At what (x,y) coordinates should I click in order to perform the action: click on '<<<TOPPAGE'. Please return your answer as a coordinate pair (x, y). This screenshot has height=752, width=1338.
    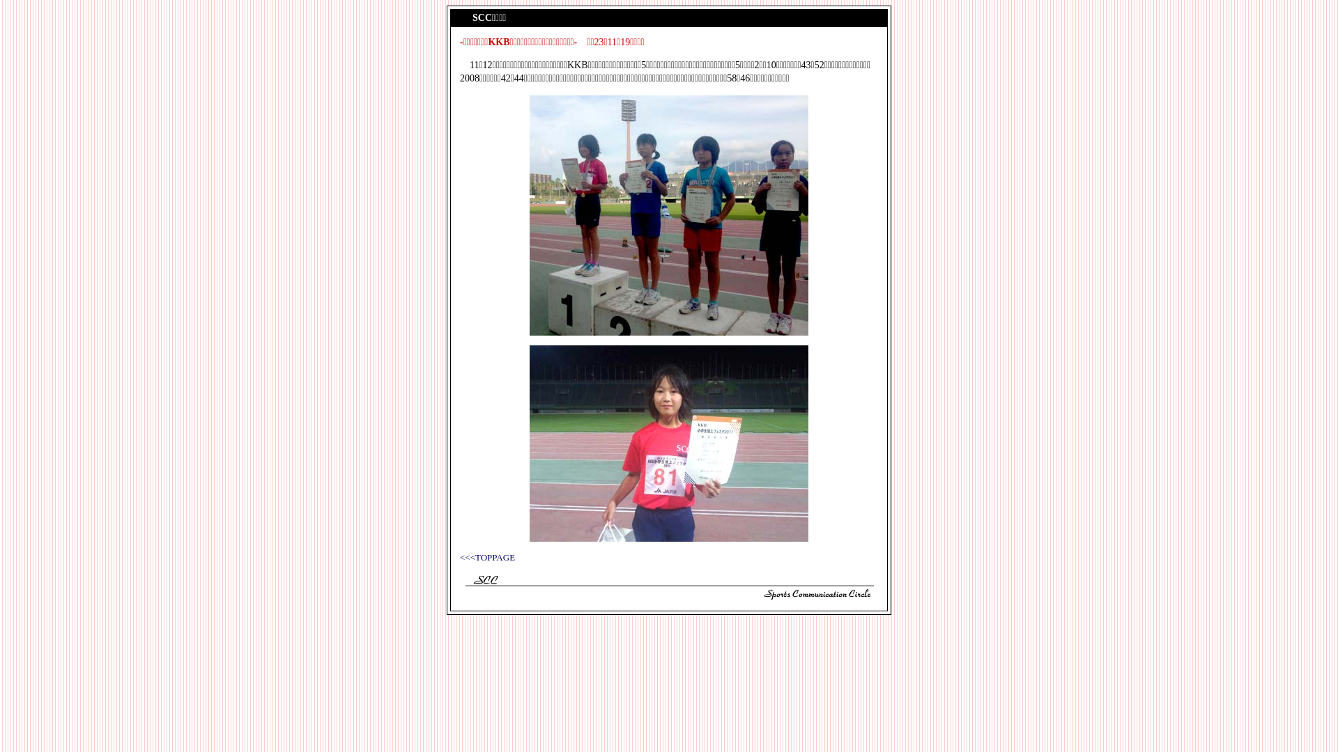
    Looking at the image, I should click on (487, 556).